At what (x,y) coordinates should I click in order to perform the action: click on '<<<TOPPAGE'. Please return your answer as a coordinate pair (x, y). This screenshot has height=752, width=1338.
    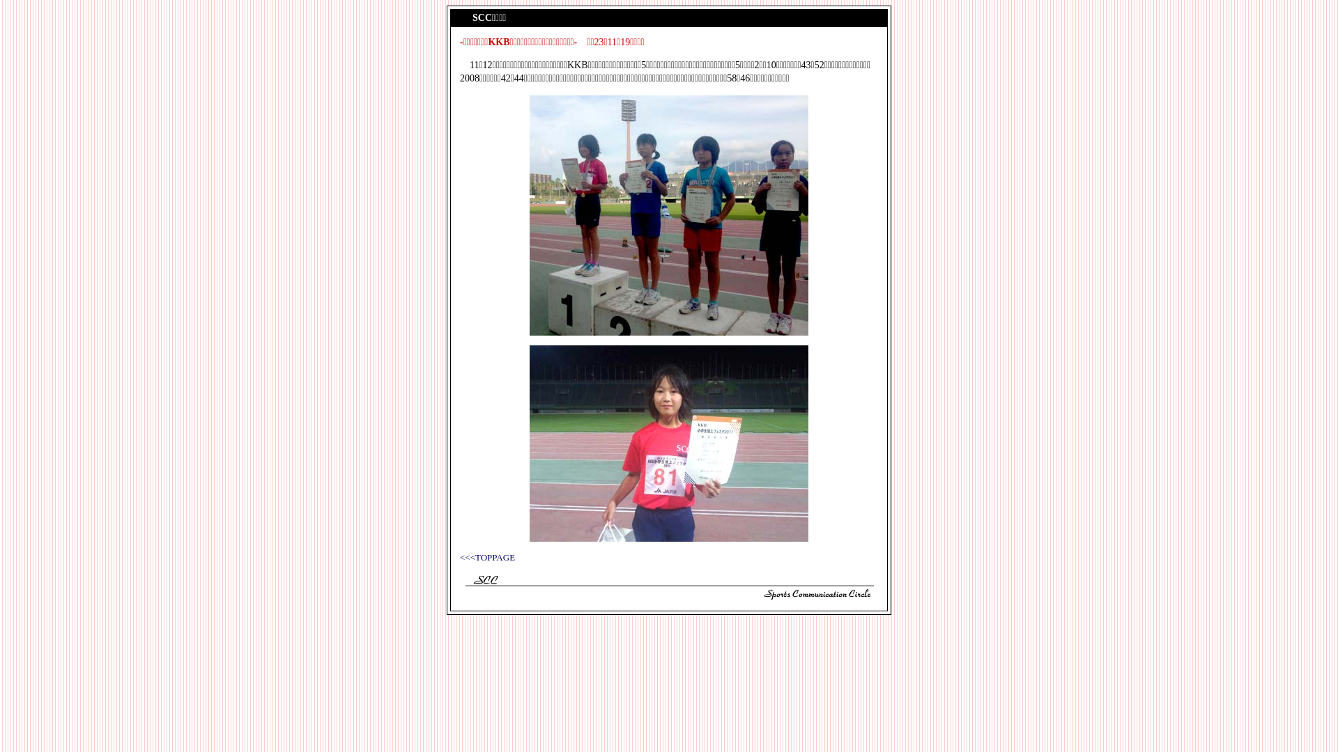
    Looking at the image, I should click on (487, 556).